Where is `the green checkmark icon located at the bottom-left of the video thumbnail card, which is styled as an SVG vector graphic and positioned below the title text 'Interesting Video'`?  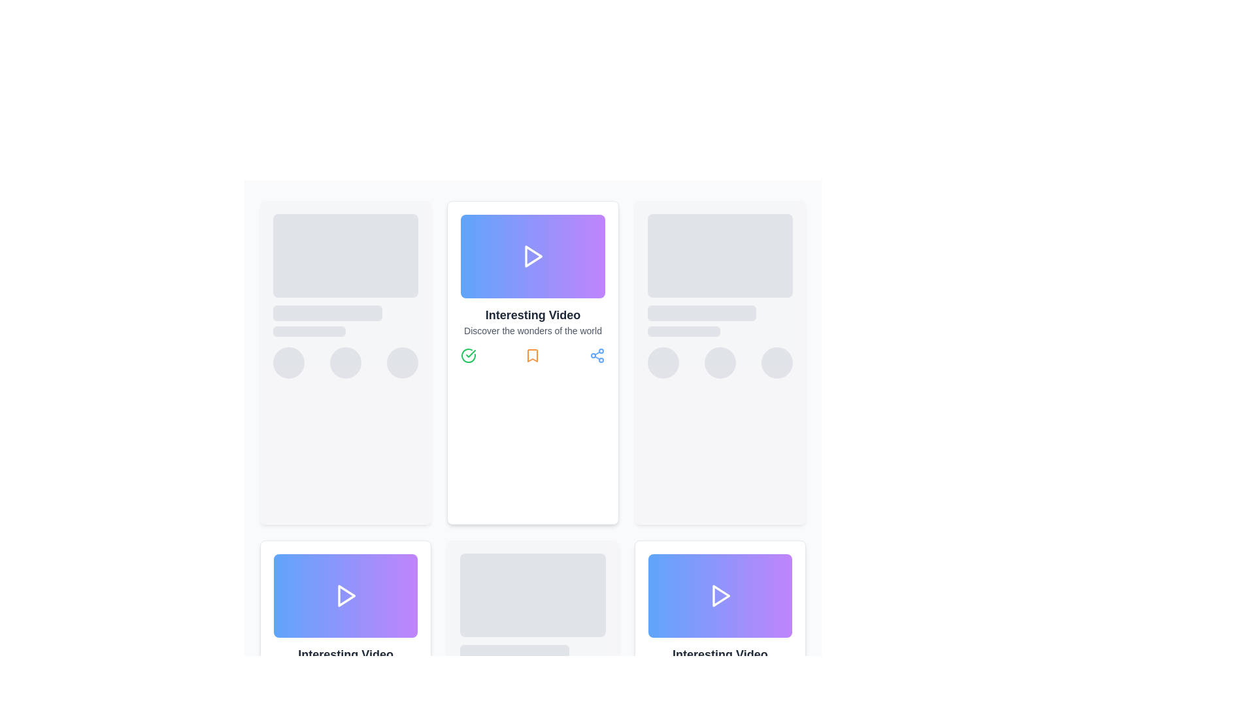 the green checkmark icon located at the bottom-left of the video thumbnail card, which is styled as an SVG vector graphic and positioned below the title text 'Interesting Video' is located at coordinates (471, 354).